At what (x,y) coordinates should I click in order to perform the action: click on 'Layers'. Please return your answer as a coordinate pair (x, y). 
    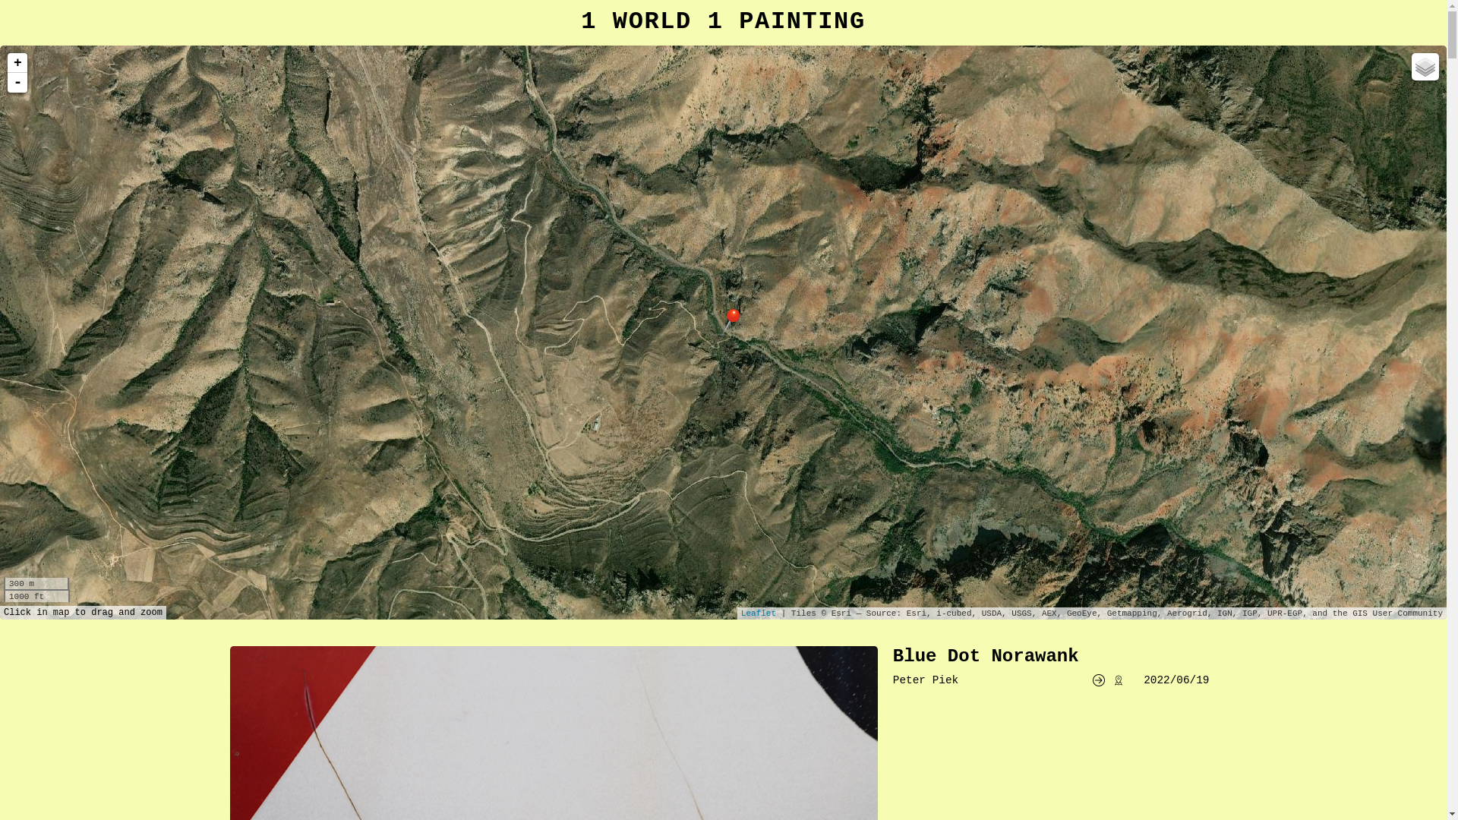
    Looking at the image, I should click on (1424, 66).